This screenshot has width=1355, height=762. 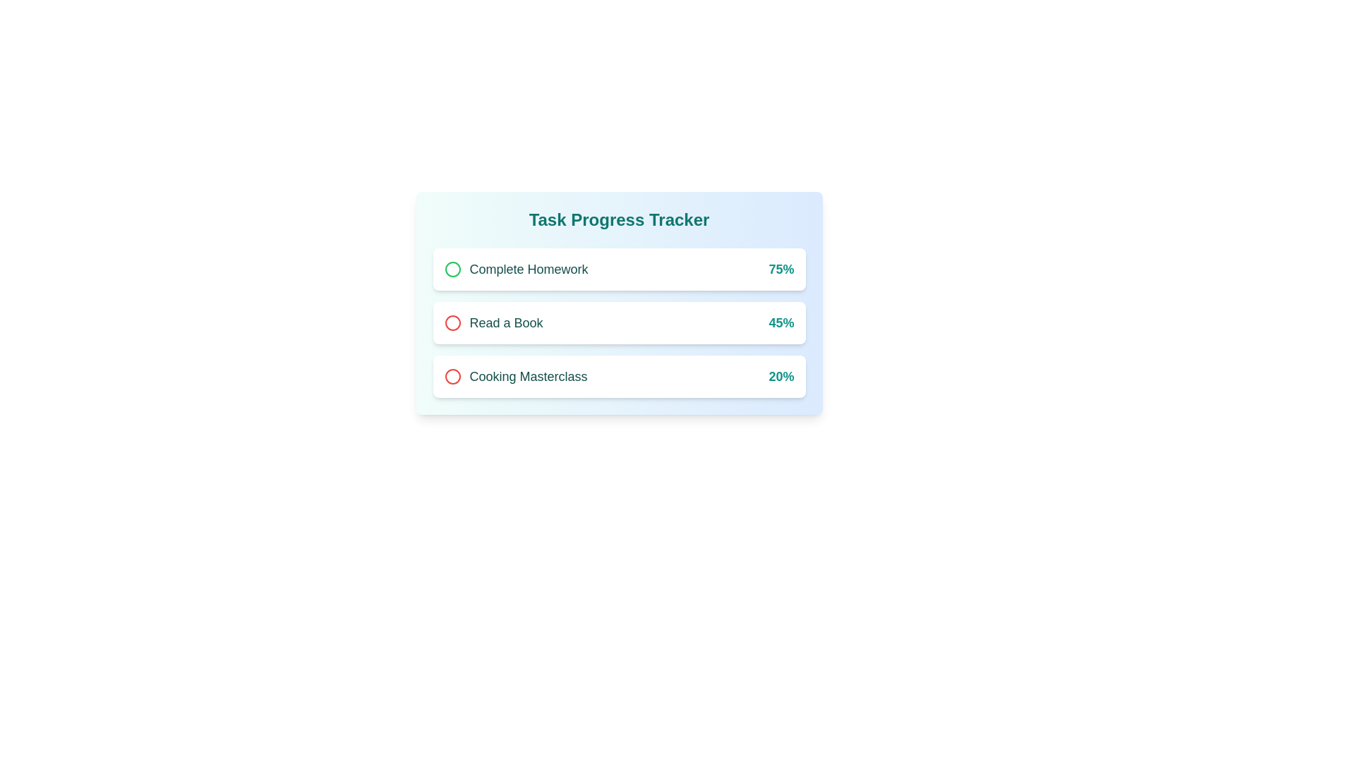 I want to click on the 'Complete Homework' text label styled with a large, bold font and teal-green color to interact with surrounding elements in the task progress tracker, so click(x=528, y=269).